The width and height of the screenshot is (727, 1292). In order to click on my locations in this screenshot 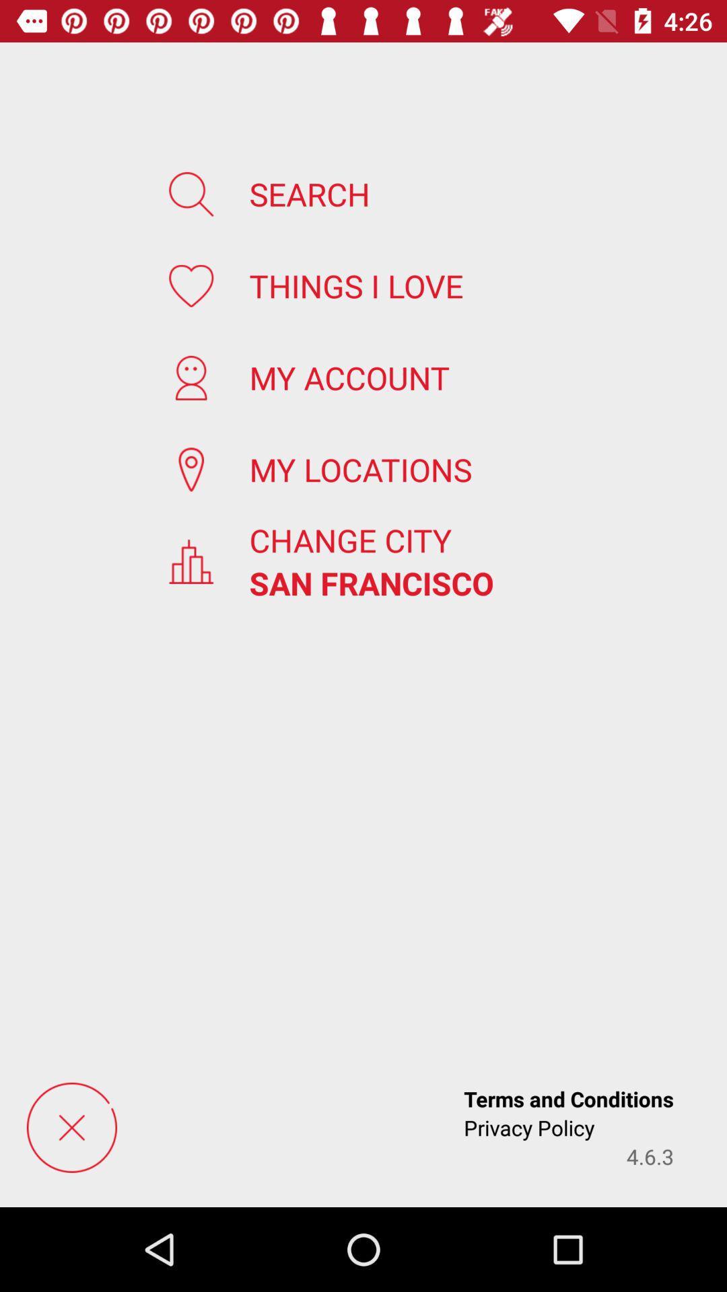, I will do `click(359, 469)`.